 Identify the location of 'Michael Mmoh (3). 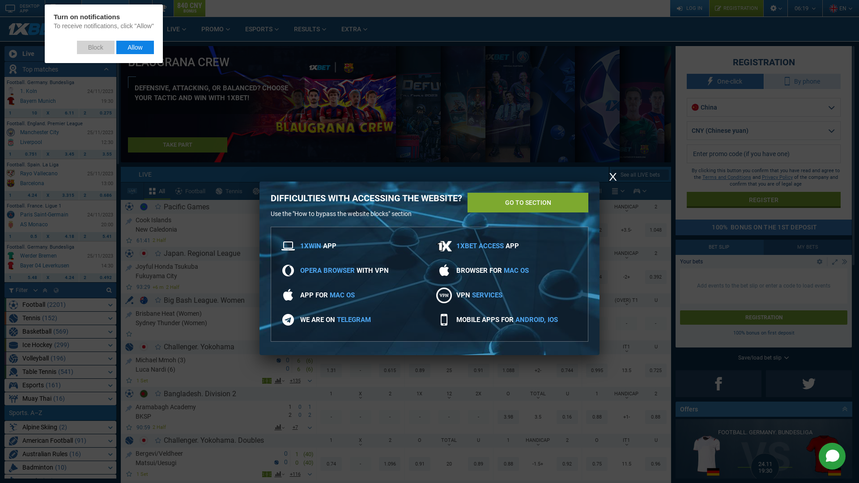
(205, 364).